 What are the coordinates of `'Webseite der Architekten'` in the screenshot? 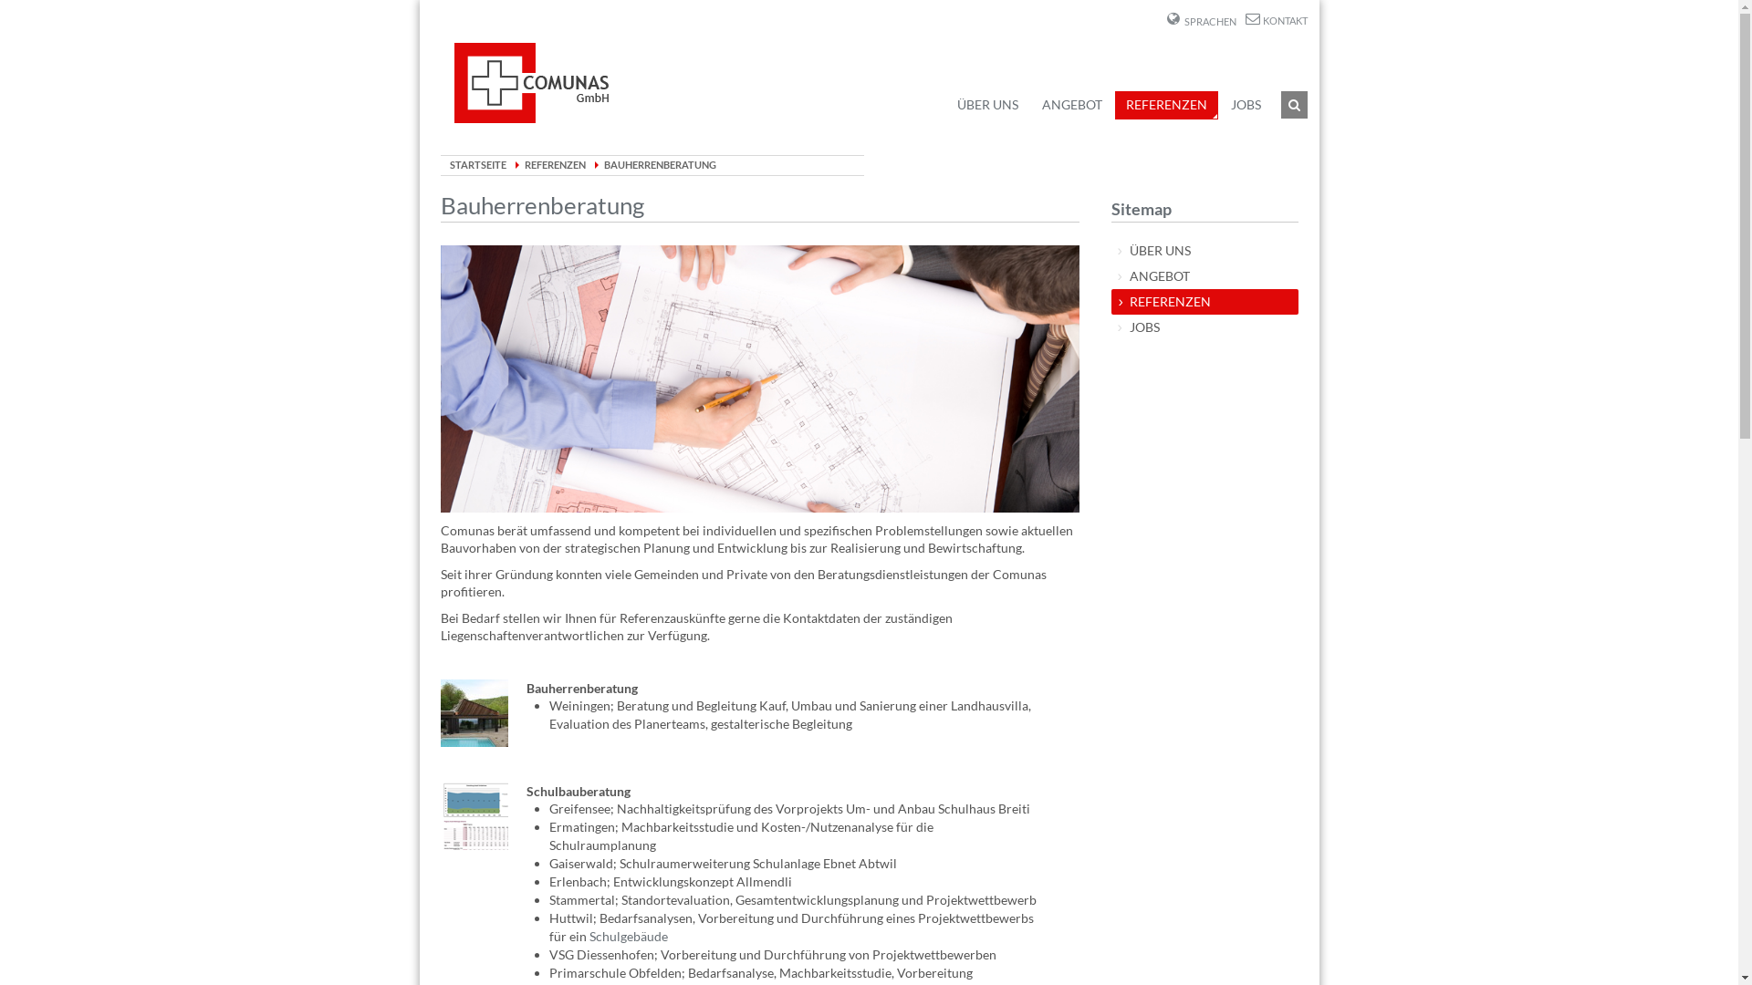 It's located at (473, 710).